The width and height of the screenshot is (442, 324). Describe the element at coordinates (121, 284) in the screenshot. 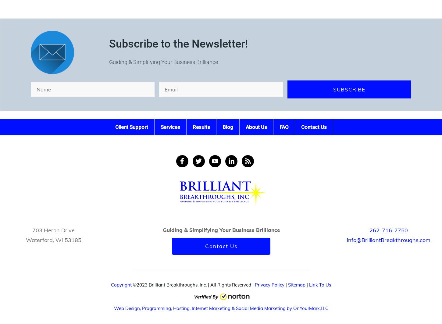

I see `'Copyright'` at that location.